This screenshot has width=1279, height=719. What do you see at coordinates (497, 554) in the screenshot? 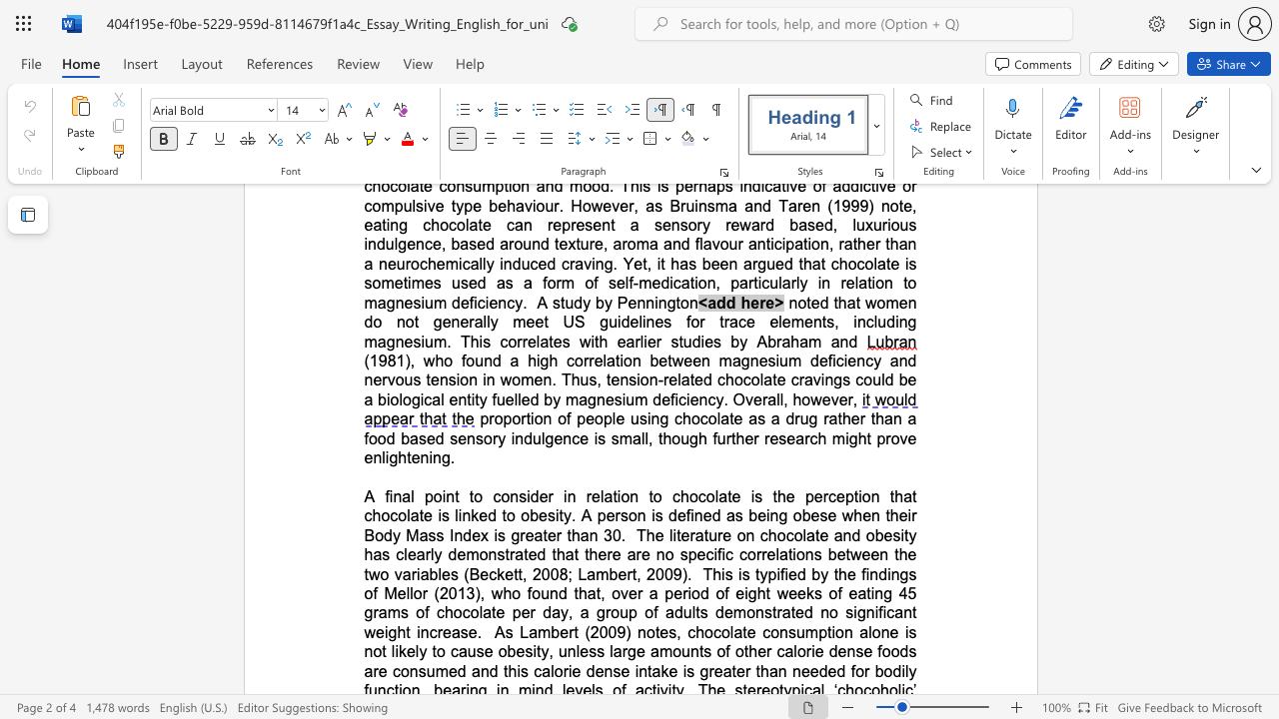
I see `the subset text "st" within the text "demonstrated"` at bounding box center [497, 554].